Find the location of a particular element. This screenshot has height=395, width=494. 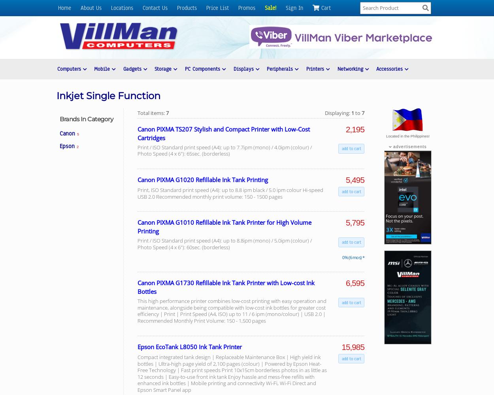

'Brands In Category' is located at coordinates (86, 119).